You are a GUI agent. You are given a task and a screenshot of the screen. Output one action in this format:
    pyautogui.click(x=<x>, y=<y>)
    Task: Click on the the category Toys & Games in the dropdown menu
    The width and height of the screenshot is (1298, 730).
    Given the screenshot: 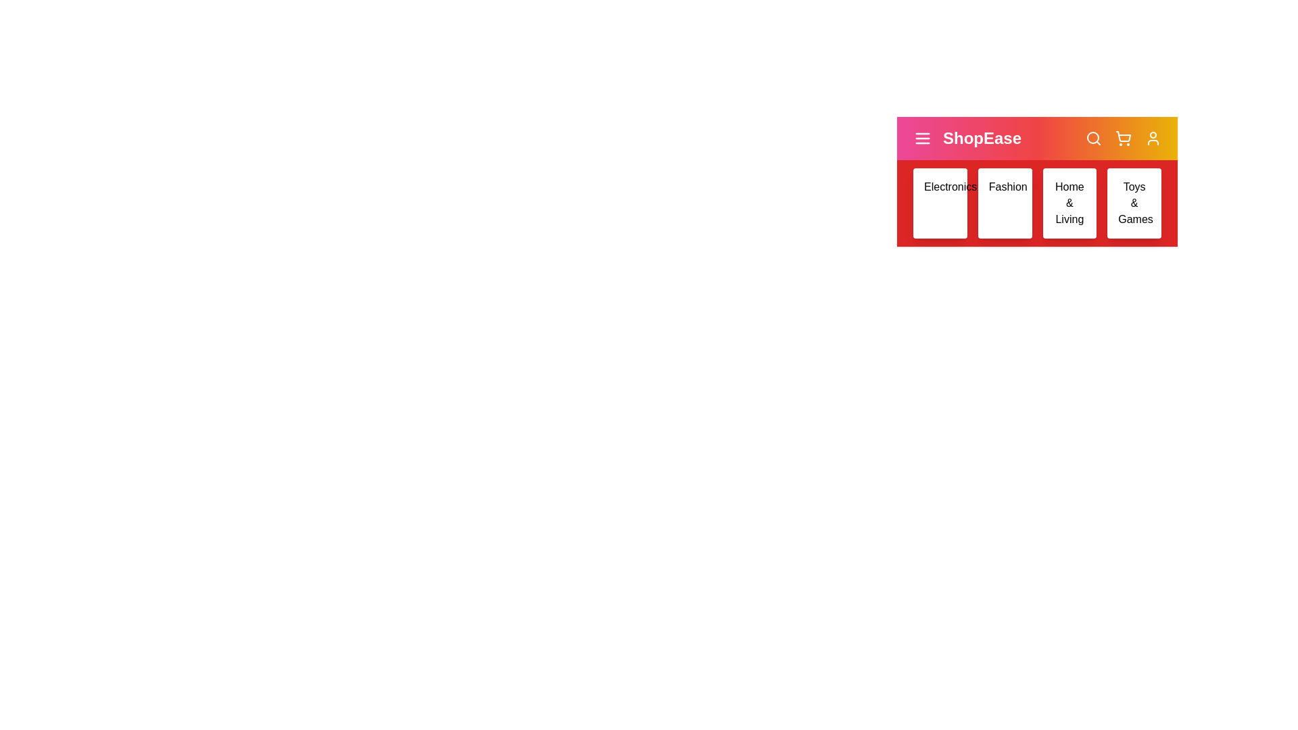 What is the action you would take?
    pyautogui.click(x=1134, y=203)
    